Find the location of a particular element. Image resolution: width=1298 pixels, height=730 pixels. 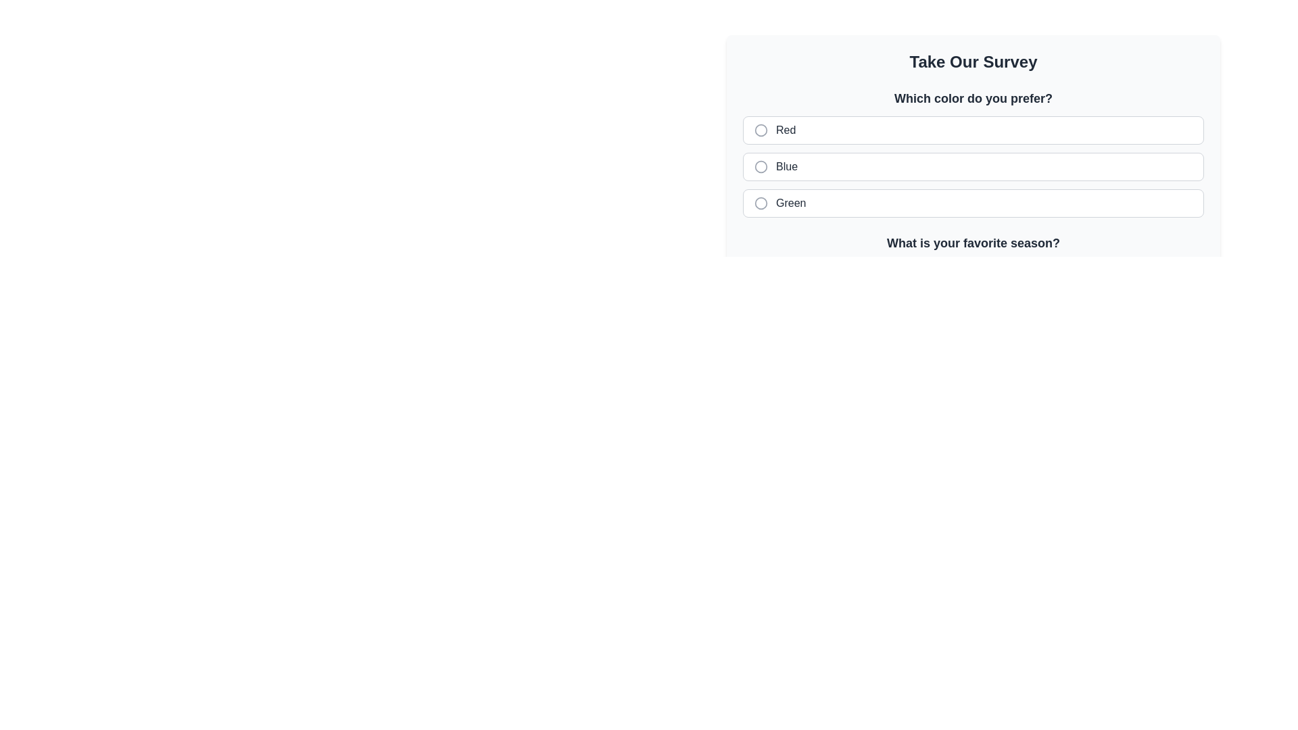

the radio button option for 'Blue' located in the middle of the three options under the question 'Which color do you prefer?' and above the 'Green' option is located at coordinates (973, 166).